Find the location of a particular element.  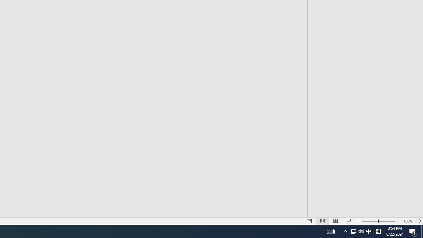

'Zoom 100%' is located at coordinates (407, 221).